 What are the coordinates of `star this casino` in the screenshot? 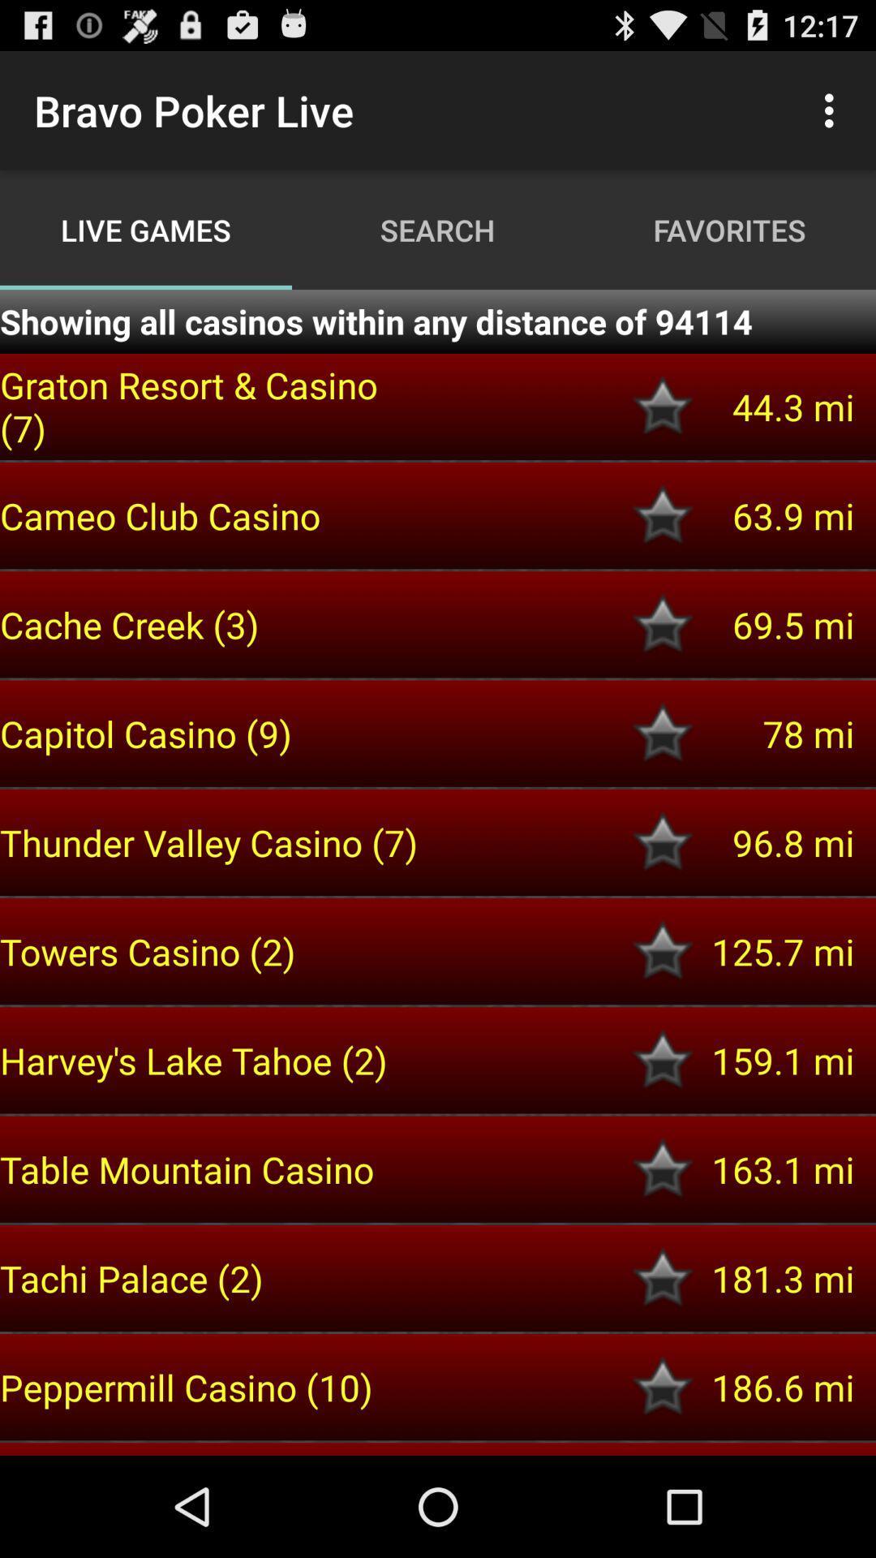 It's located at (663, 1169).